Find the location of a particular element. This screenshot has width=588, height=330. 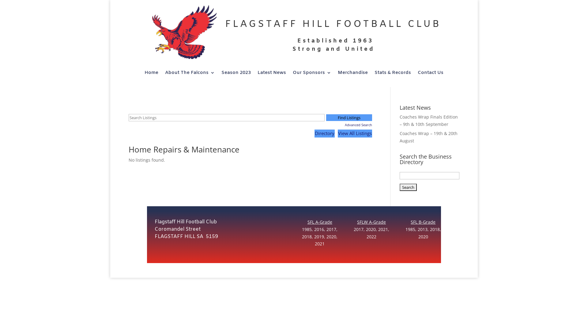

'Season 2023' is located at coordinates (236, 74).